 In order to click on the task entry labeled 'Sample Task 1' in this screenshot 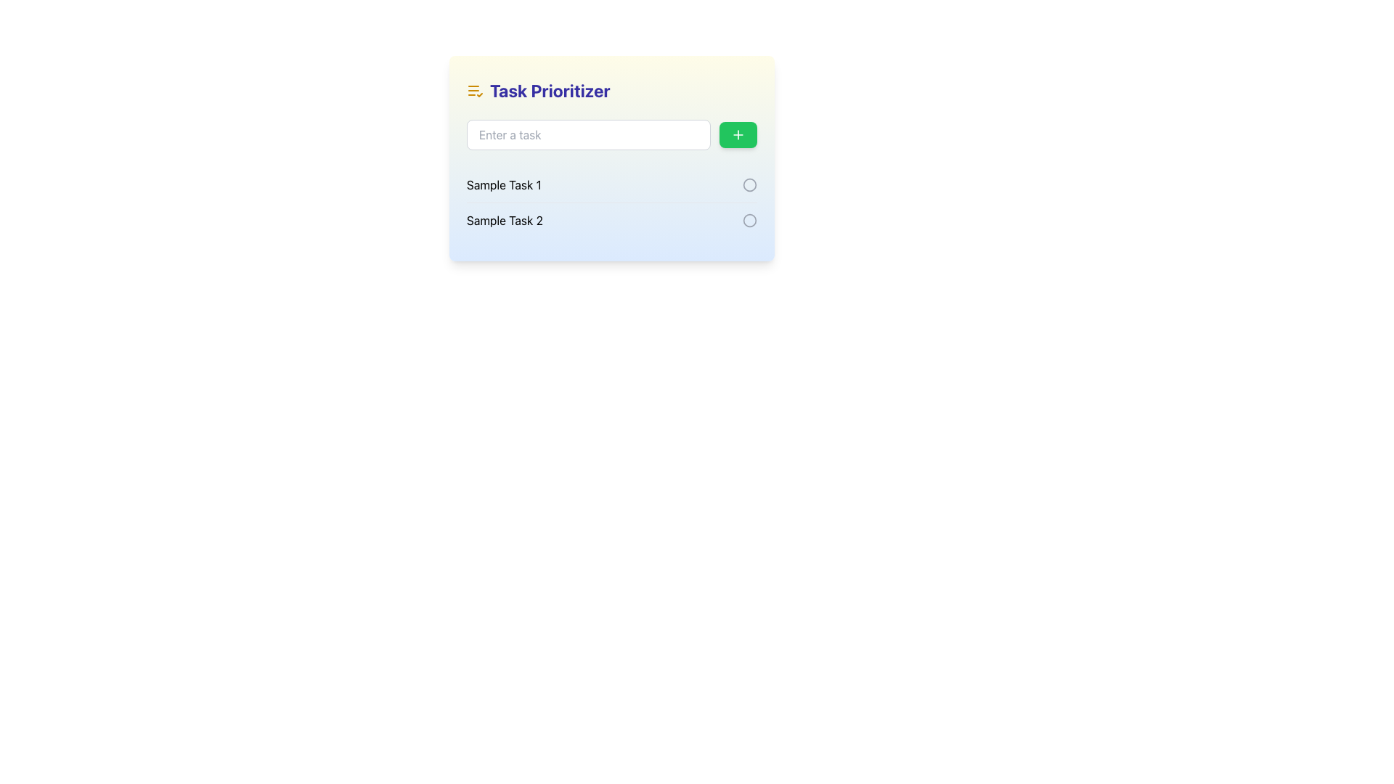, I will do `click(612, 184)`.